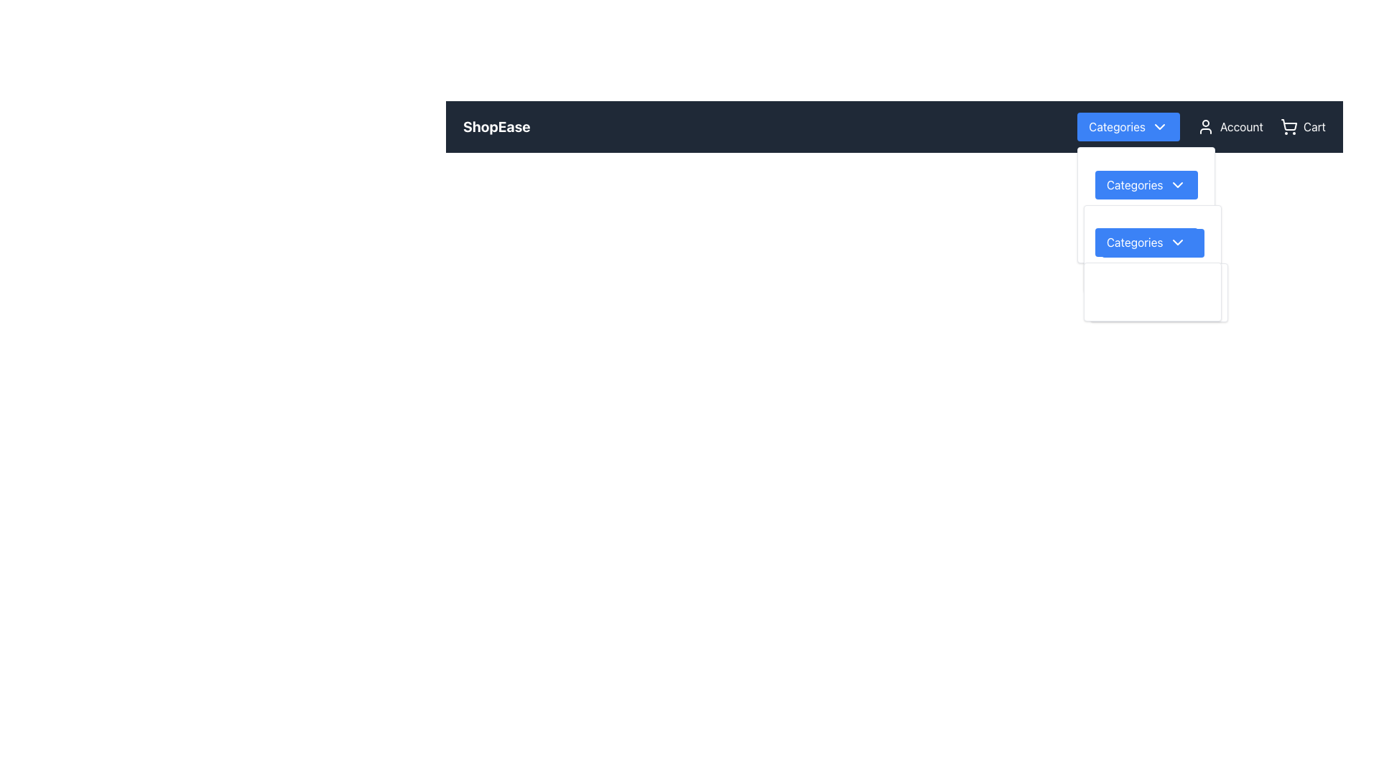  I want to click on the second 'Categories' button with a blue background and white text in the dropdown menu, so click(1146, 184).